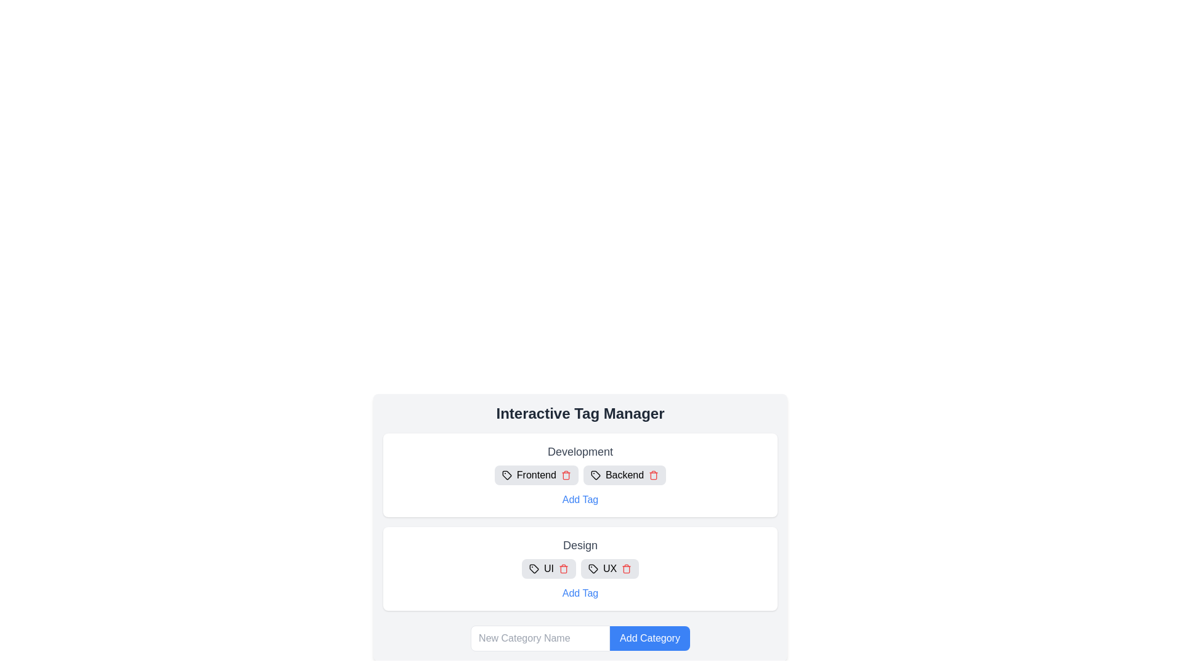 The image size is (1183, 665). Describe the element at coordinates (563, 569) in the screenshot. I see `the trash icon located to the right of the 'UI' label in the 'Design' category` at that location.